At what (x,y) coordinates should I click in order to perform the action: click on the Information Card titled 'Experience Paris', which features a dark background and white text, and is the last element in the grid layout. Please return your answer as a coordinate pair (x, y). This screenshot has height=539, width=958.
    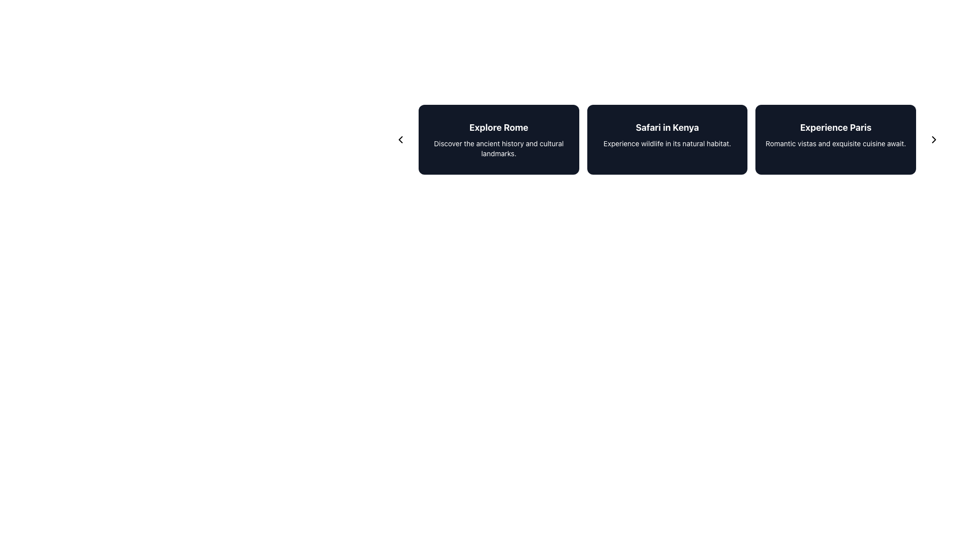
    Looking at the image, I should click on (836, 140).